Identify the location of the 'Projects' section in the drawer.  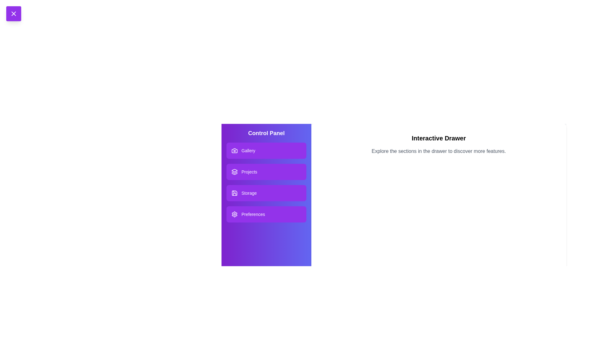
(266, 172).